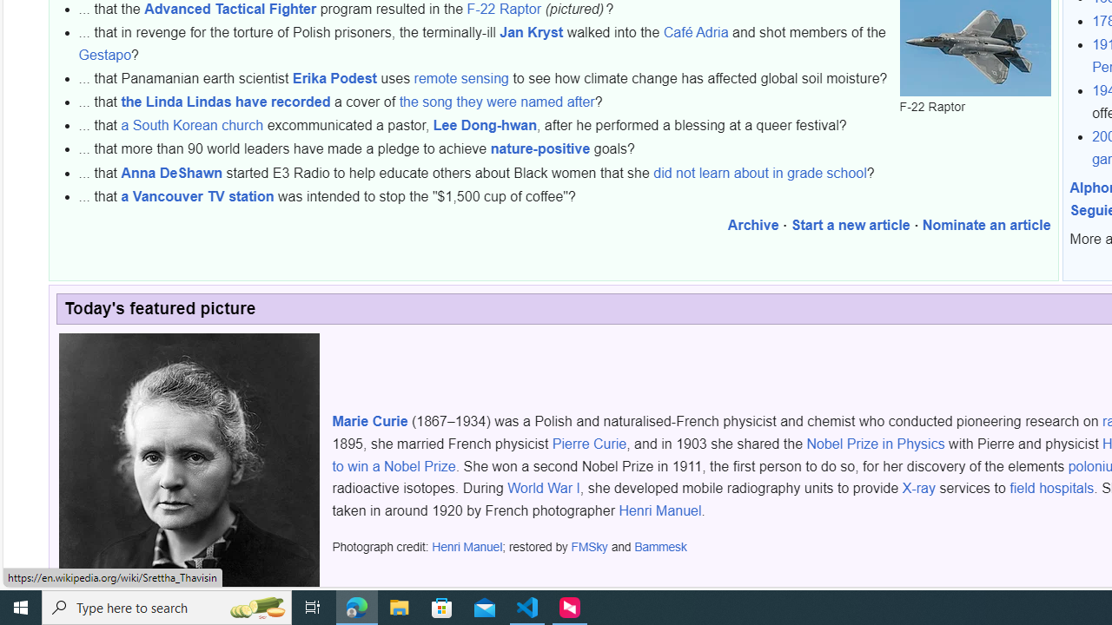 This screenshot has height=625, width=1112. Describe the element at coordinates (225, 102) in the screenshot. I see `'the Linda Lindas have recorded'` at that location.